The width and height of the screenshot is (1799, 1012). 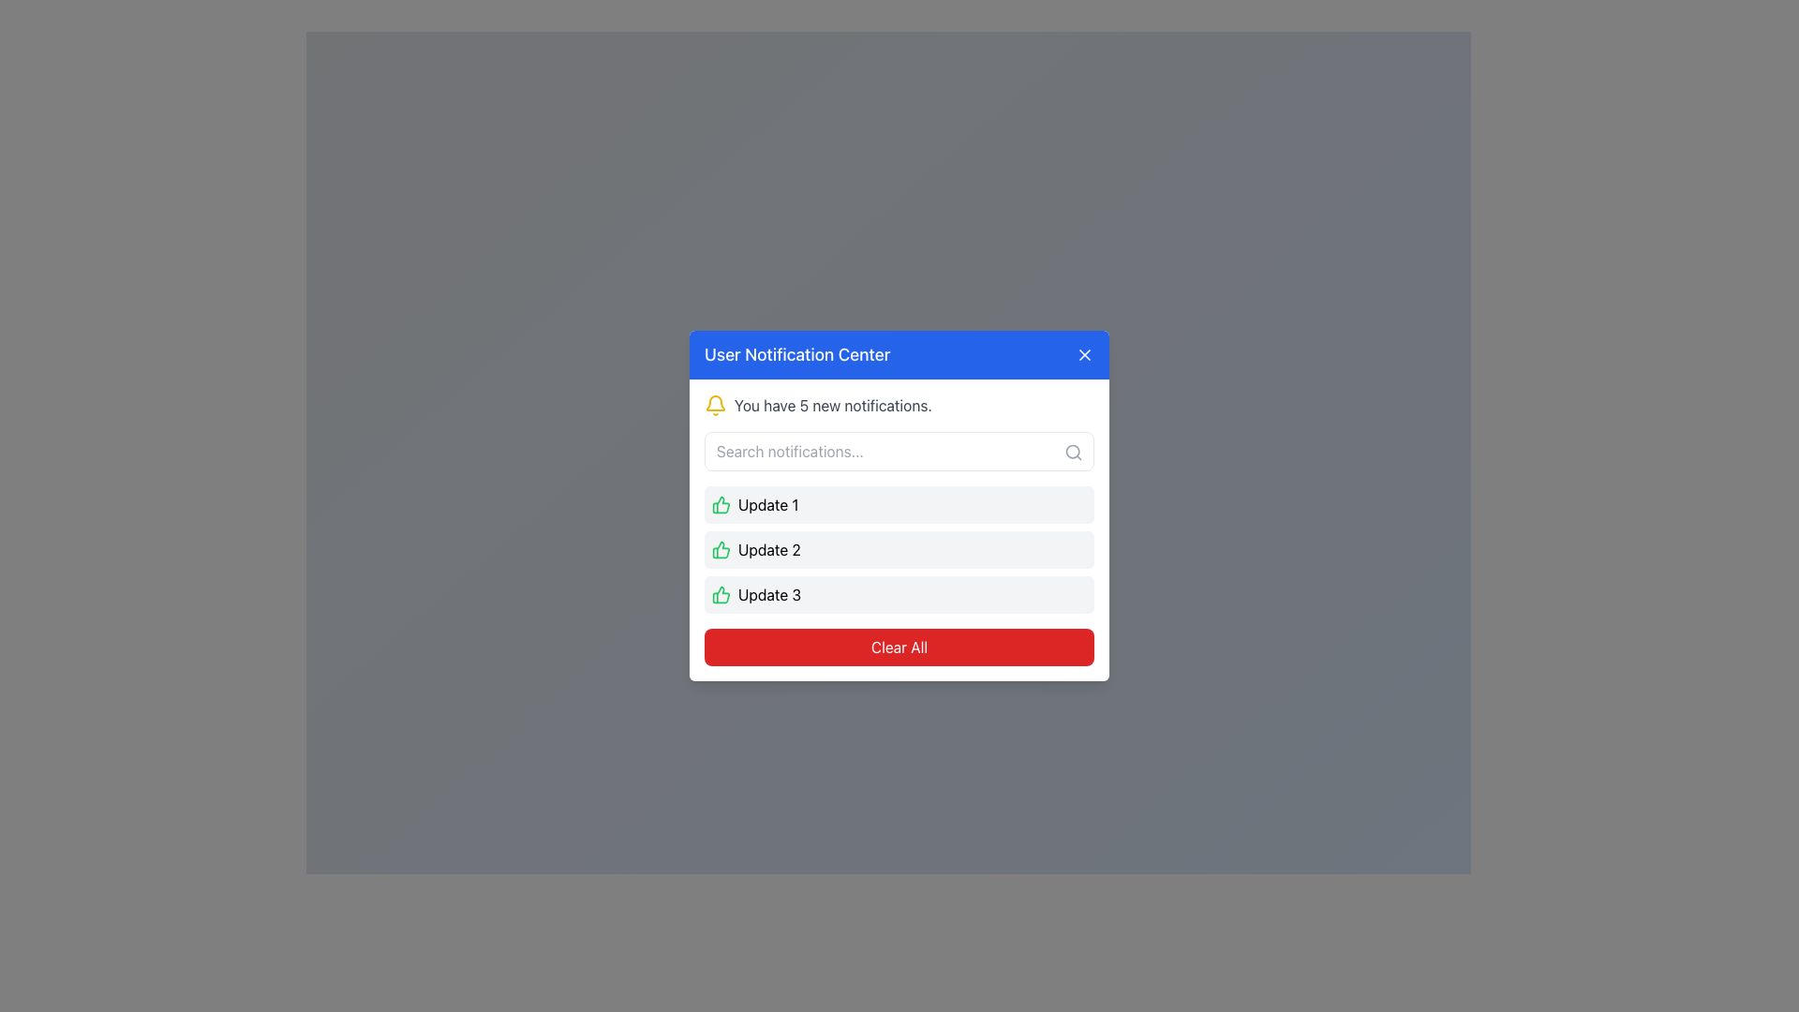 What do you see at coordinates (797, 354) in the screenshot?
I see `the title text of the notification center interface, which is located in the top-left section of a blue header bar` at bounding box center [797, 354].